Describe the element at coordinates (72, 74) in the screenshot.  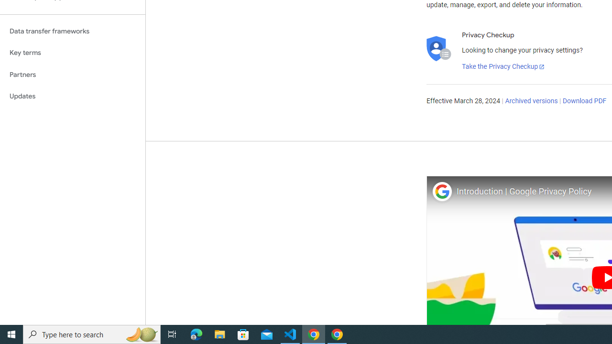
I see `'Partners'` at that location.